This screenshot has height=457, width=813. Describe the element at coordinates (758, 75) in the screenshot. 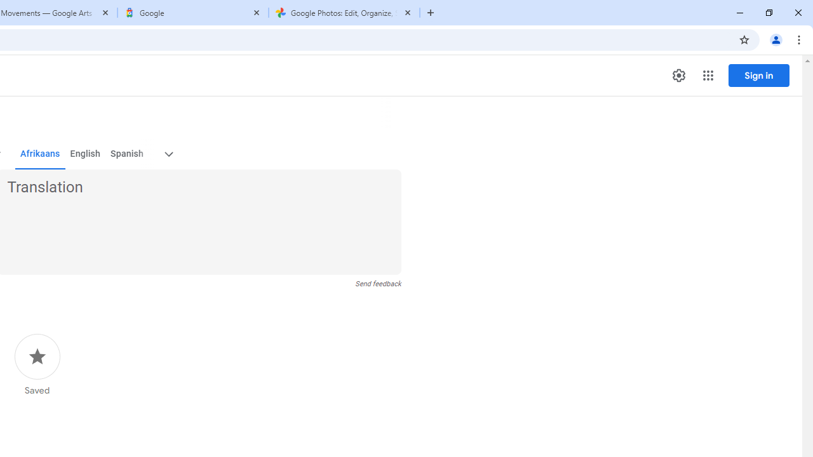

I see `'Sign in'` at that location.